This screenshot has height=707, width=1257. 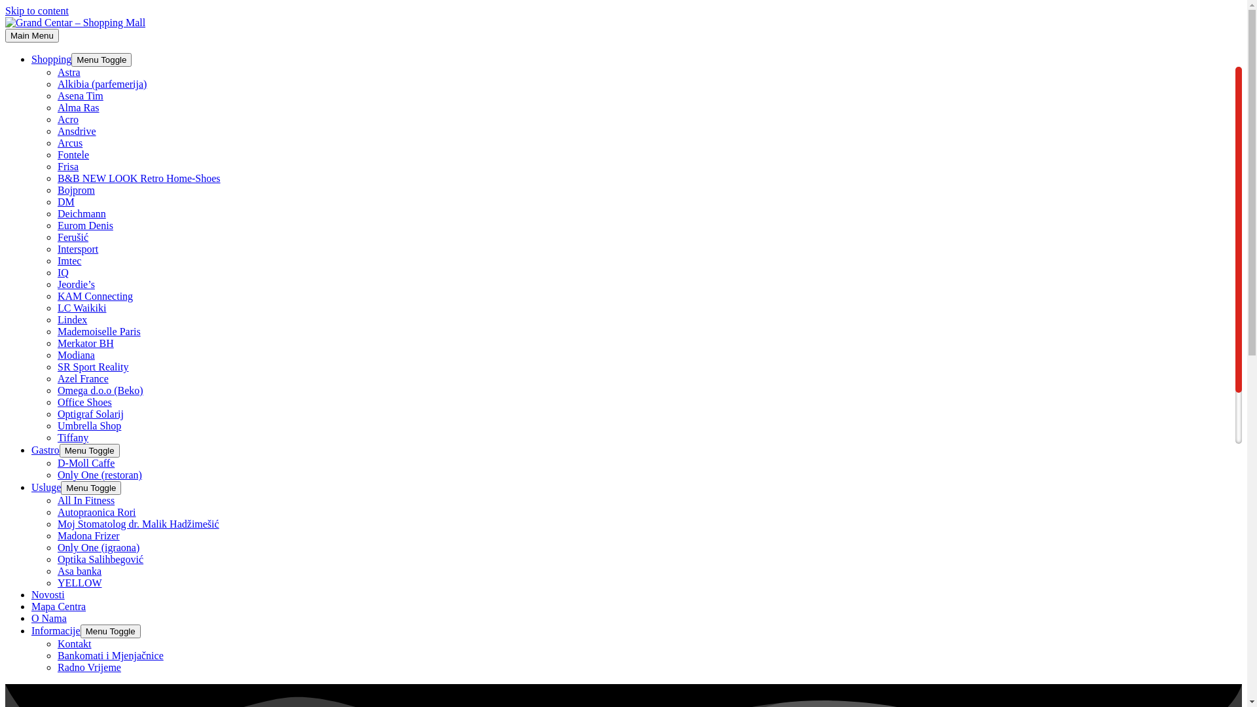 What do you see at coordinates (98, 547) in the screenshot?
I see `'Only One (igraona)'` at bounding box center [98, 547].